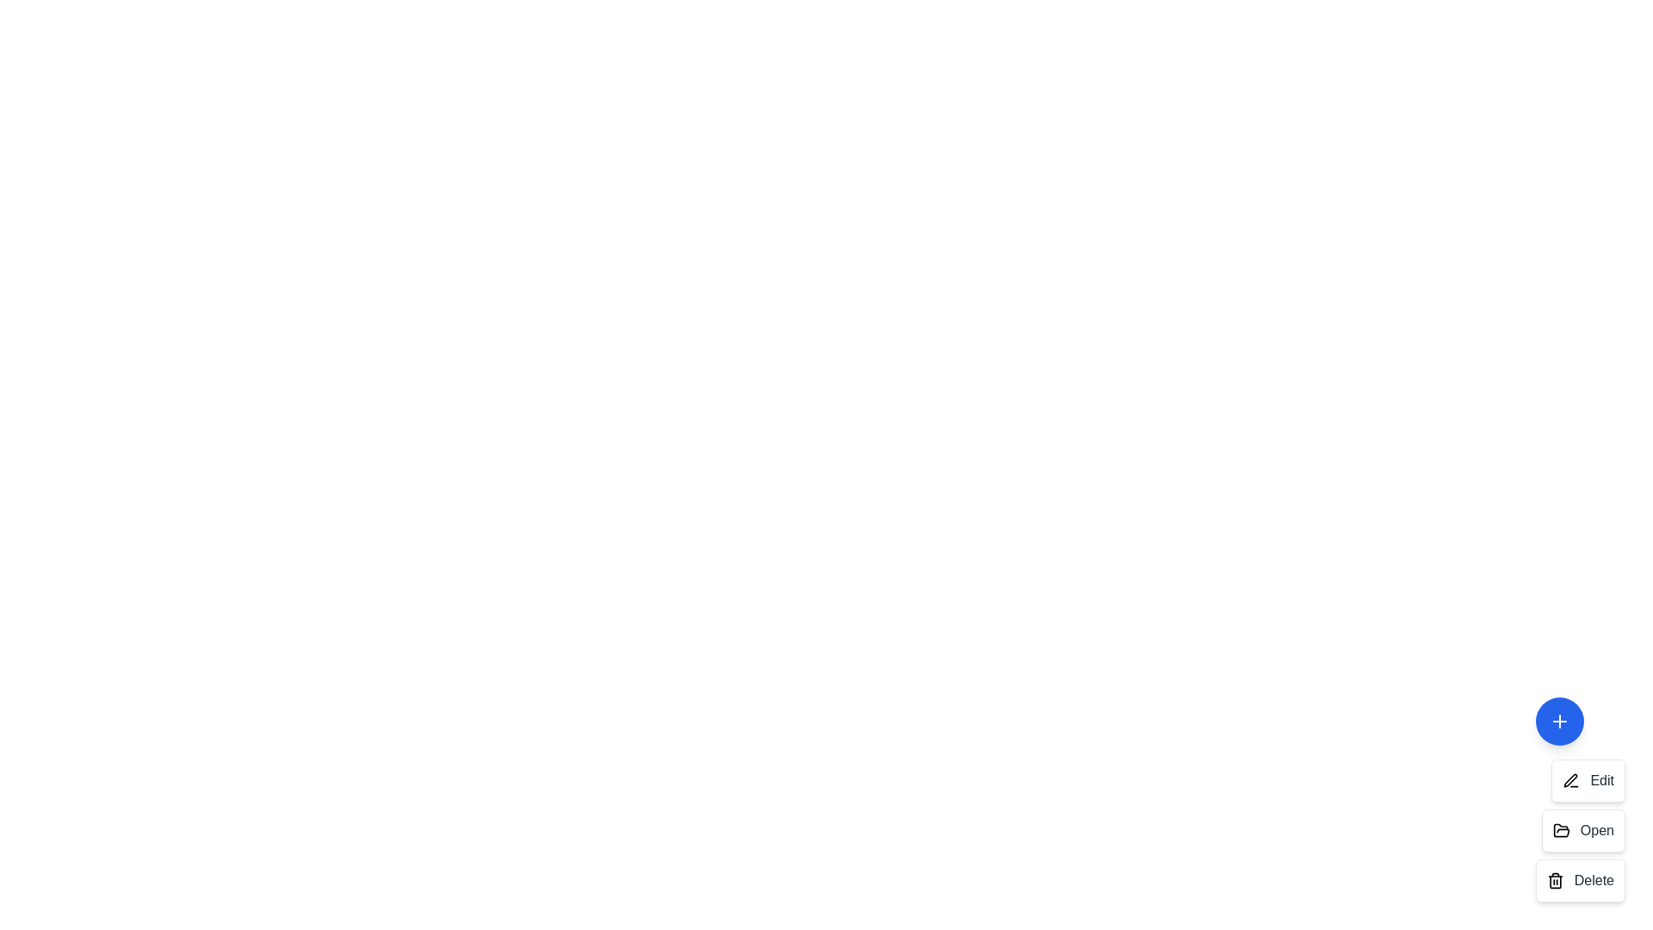 This screenshot has width=1653, height=930. What do you see at coordinates (1583, 829) in the screenshot?
I see `the action item Open in the speed dial` at bounding box center [1583, 829].